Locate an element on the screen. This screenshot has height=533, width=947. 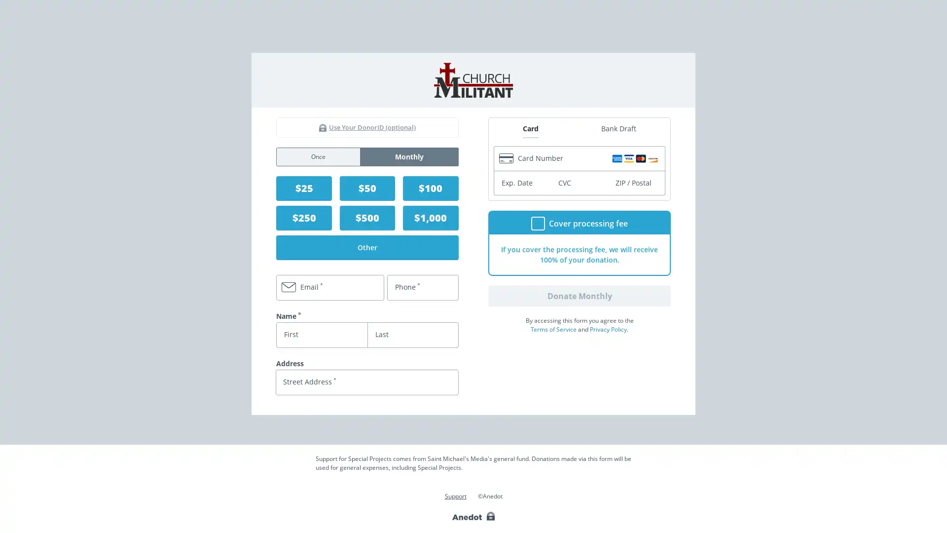
Donate monthly is located at coordinates (580, 295).